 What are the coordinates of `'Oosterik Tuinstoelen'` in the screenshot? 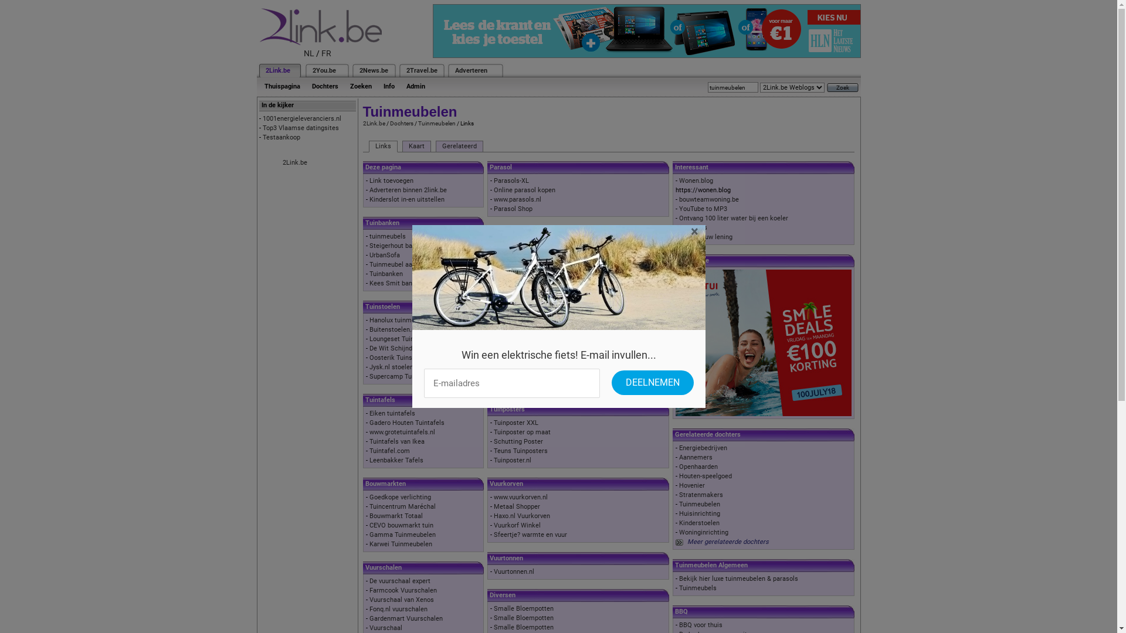 It's located at (399, 357).